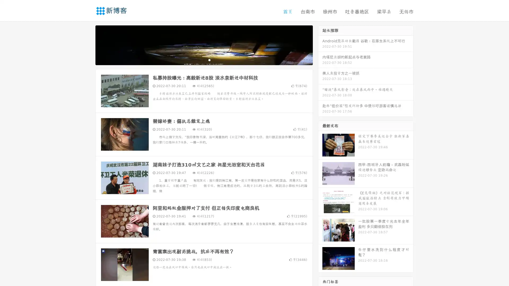 This screenshot has height=286, width=509. What do you see at coordinates (320, 44) in the screenshot?
I see `Next slide` at bounding box center [320, 44].